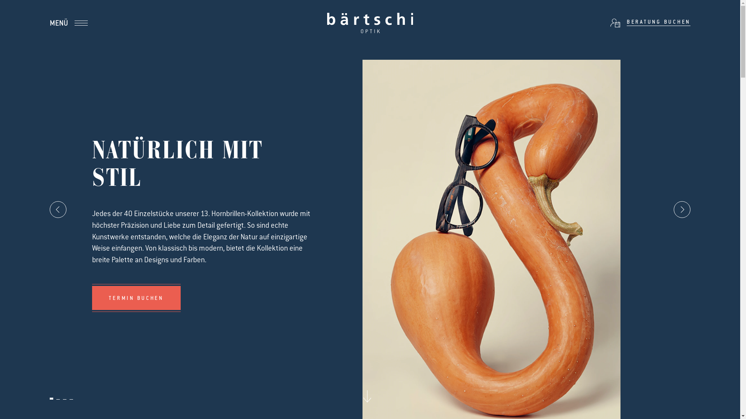  I want to click on 'TERMIN BUCHEN', so click(136, 297).